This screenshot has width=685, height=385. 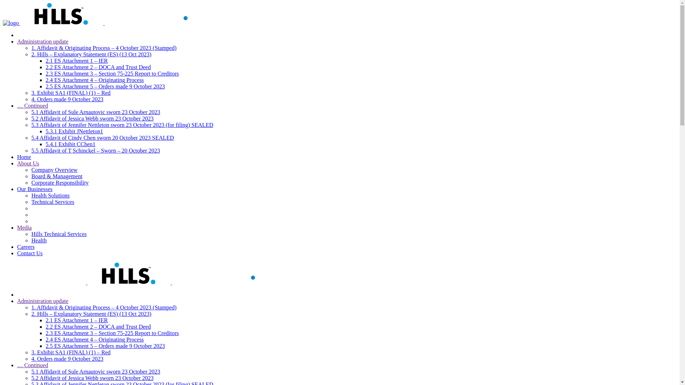 I want to click on 'Home', so click(x=24, y=156).